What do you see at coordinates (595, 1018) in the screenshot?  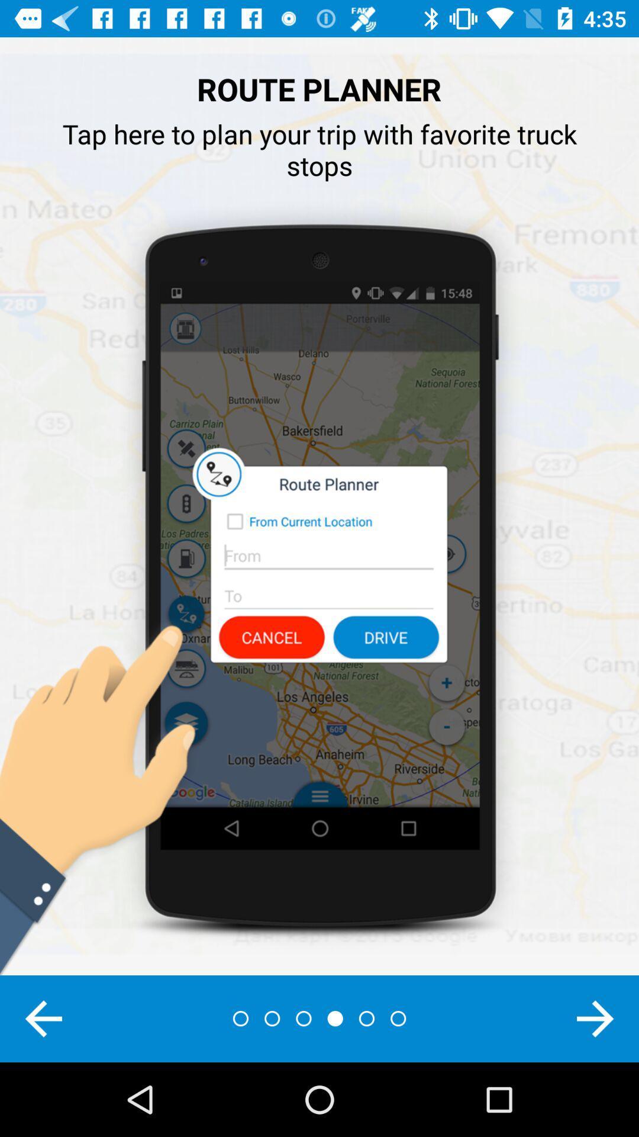 I see `next page` at bounding box center [595, 1018].